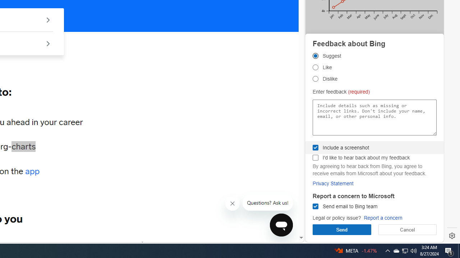 The height and width of the screenshot is (258, 460). I want to click on 'Open messaging window', so click(281, 225).